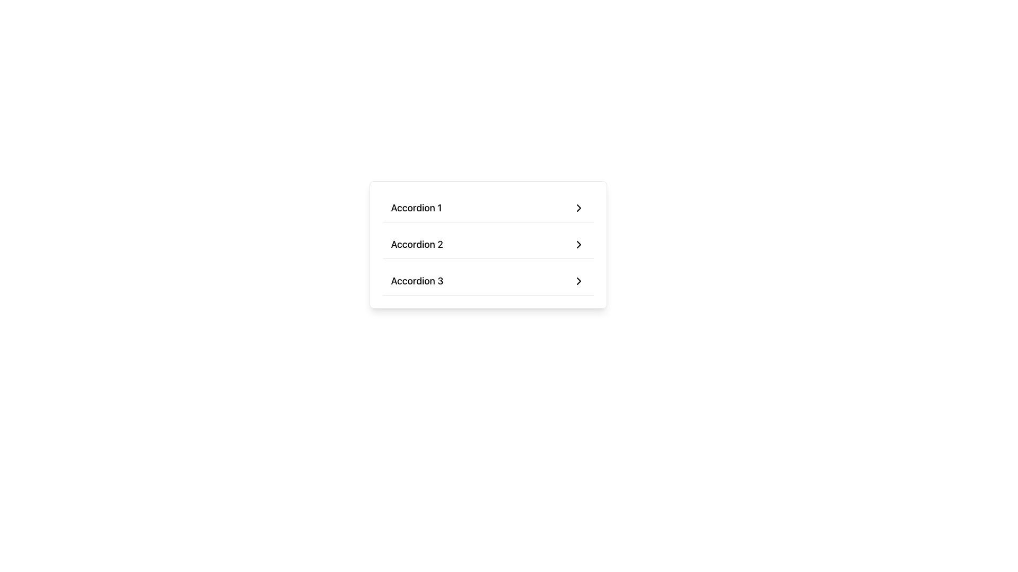 This screenshot has width=1018, height=572. Describe the element at coordinates (416, 245) in the screenshot. I see `the text label displaying 'Accordion 2', which is located in the second accordion item of a vertical list of accordions` at that location.